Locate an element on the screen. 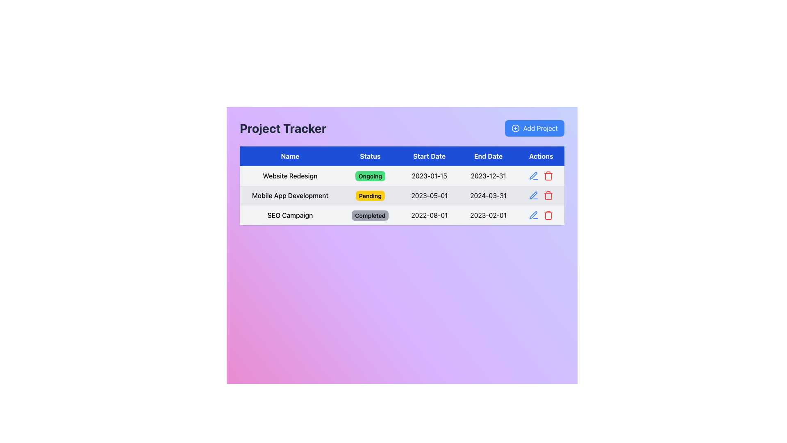 The height and width of the screenshot is (443, 787). the red trash icon button located in the 'Actions' column of the last row in the table to observe the tooltip or style change is located at coordinates (548, 175).